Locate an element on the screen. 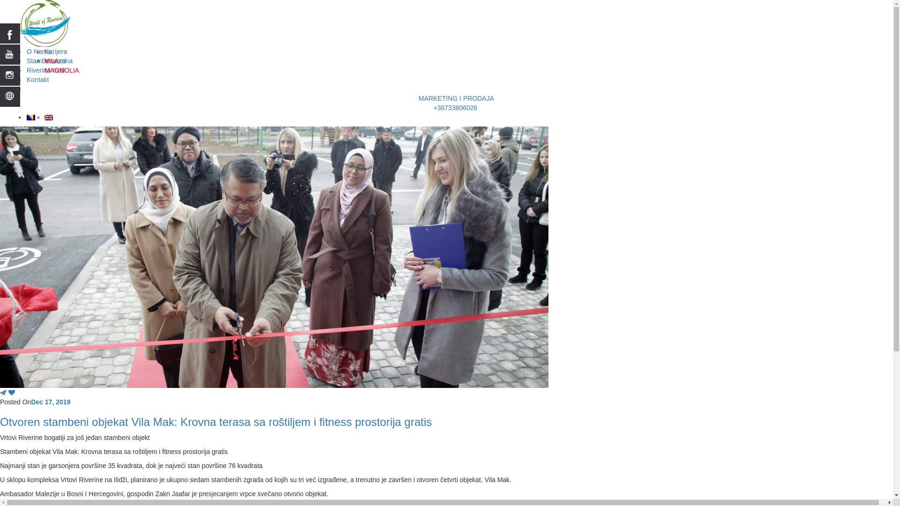 The width and height of the screenshot is (900, 506). 'VILA MAGNOLIA' is located at coordinates (61, 65).